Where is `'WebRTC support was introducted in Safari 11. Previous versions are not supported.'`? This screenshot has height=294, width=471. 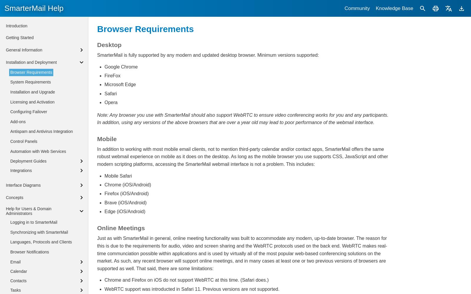
'WebRTC support was introducted in Safari 11. Previous versions are not supported.' is located at coordinates (192, 288).